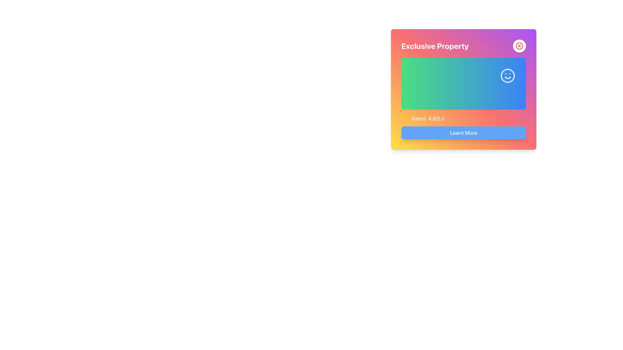 The height and width of the screenshot is (350, 623). What do you see at coordinates (519, 46) in the screenshot?
I see `the circular white button with a red border located at the top-right corner of the card displaying 'Exclusive Property' for keyboard navigation` at bounding box center [519, 46].